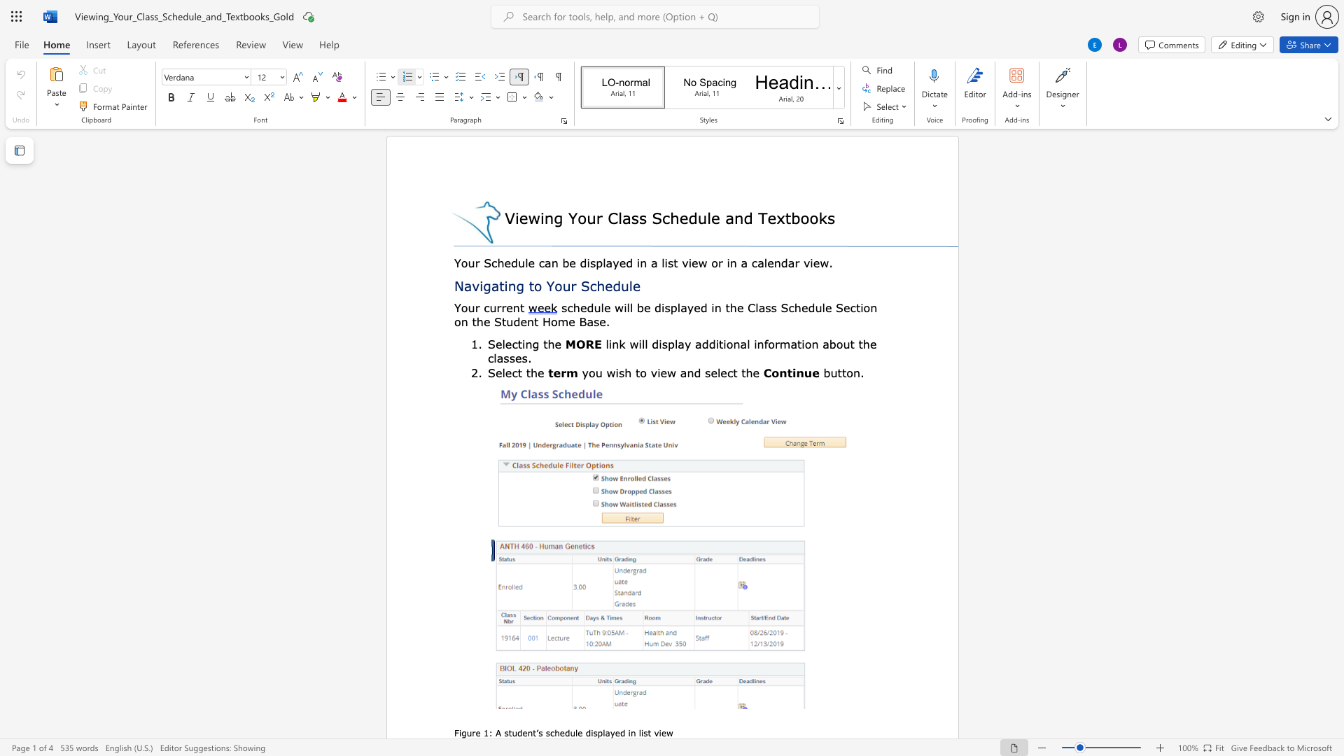 This screenshot has height=756, width=1344. Describe the element at coordinates (603, 732) in the screenshot. I see `the 2th character "l" in the text` at that location.